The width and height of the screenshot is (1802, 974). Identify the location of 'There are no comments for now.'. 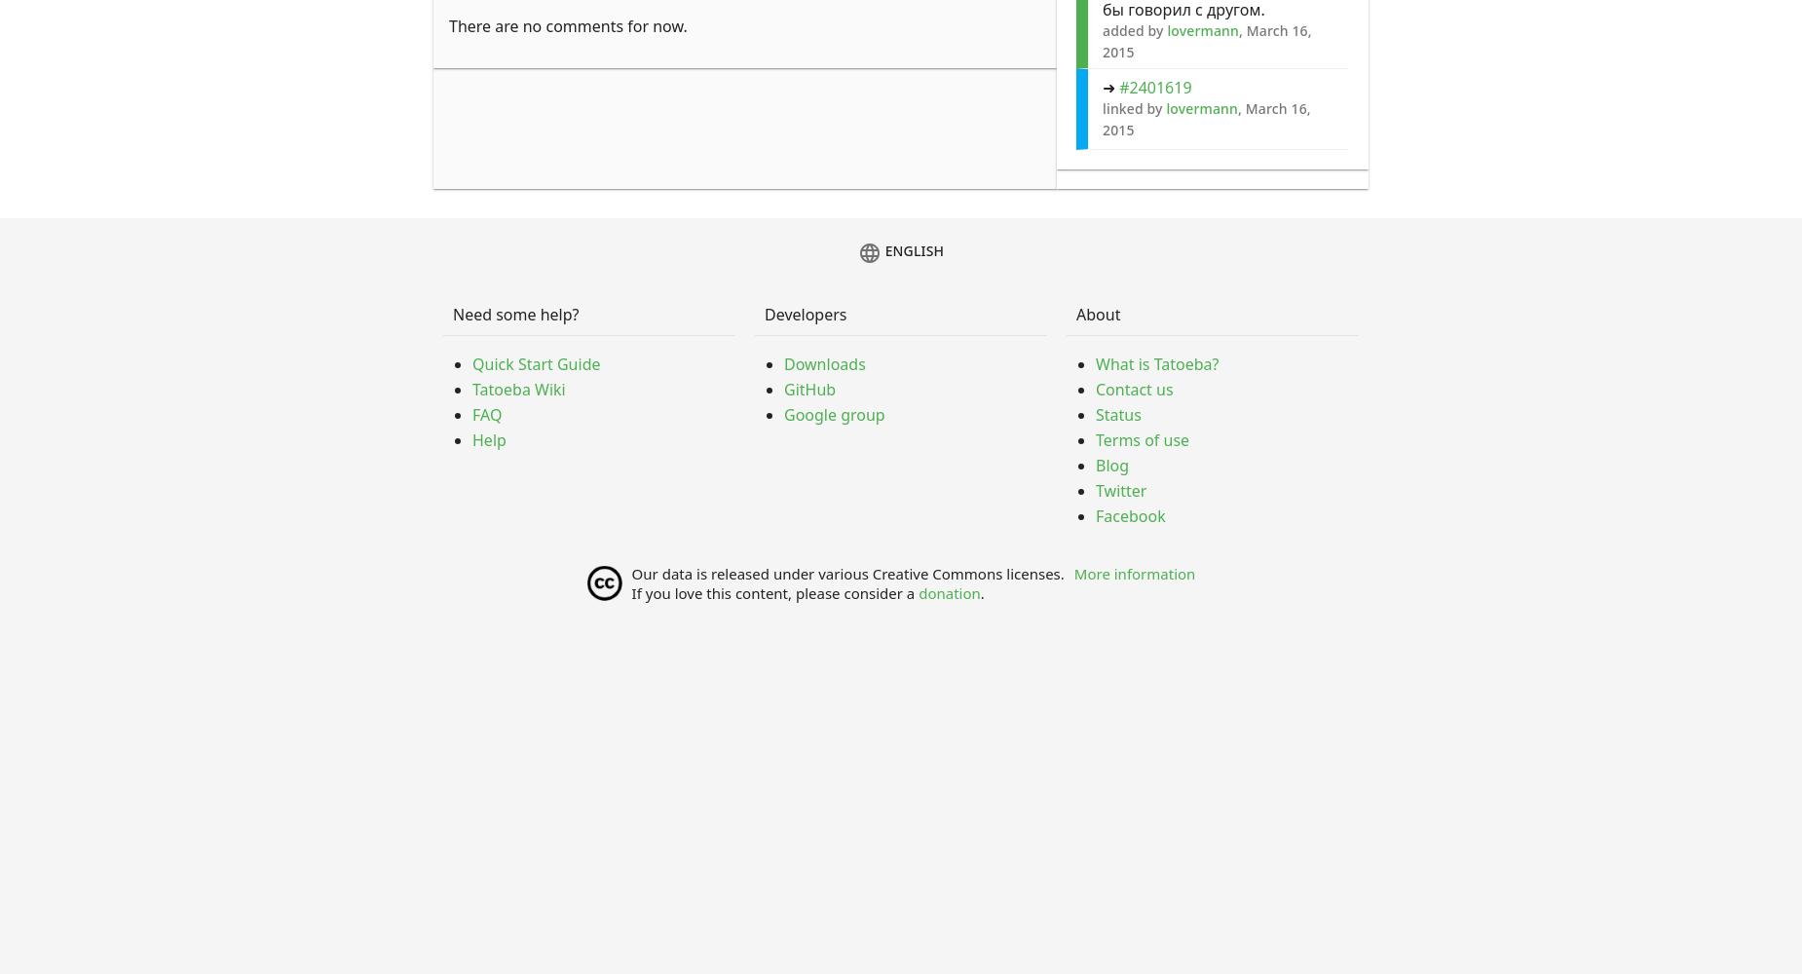
(567, 26).